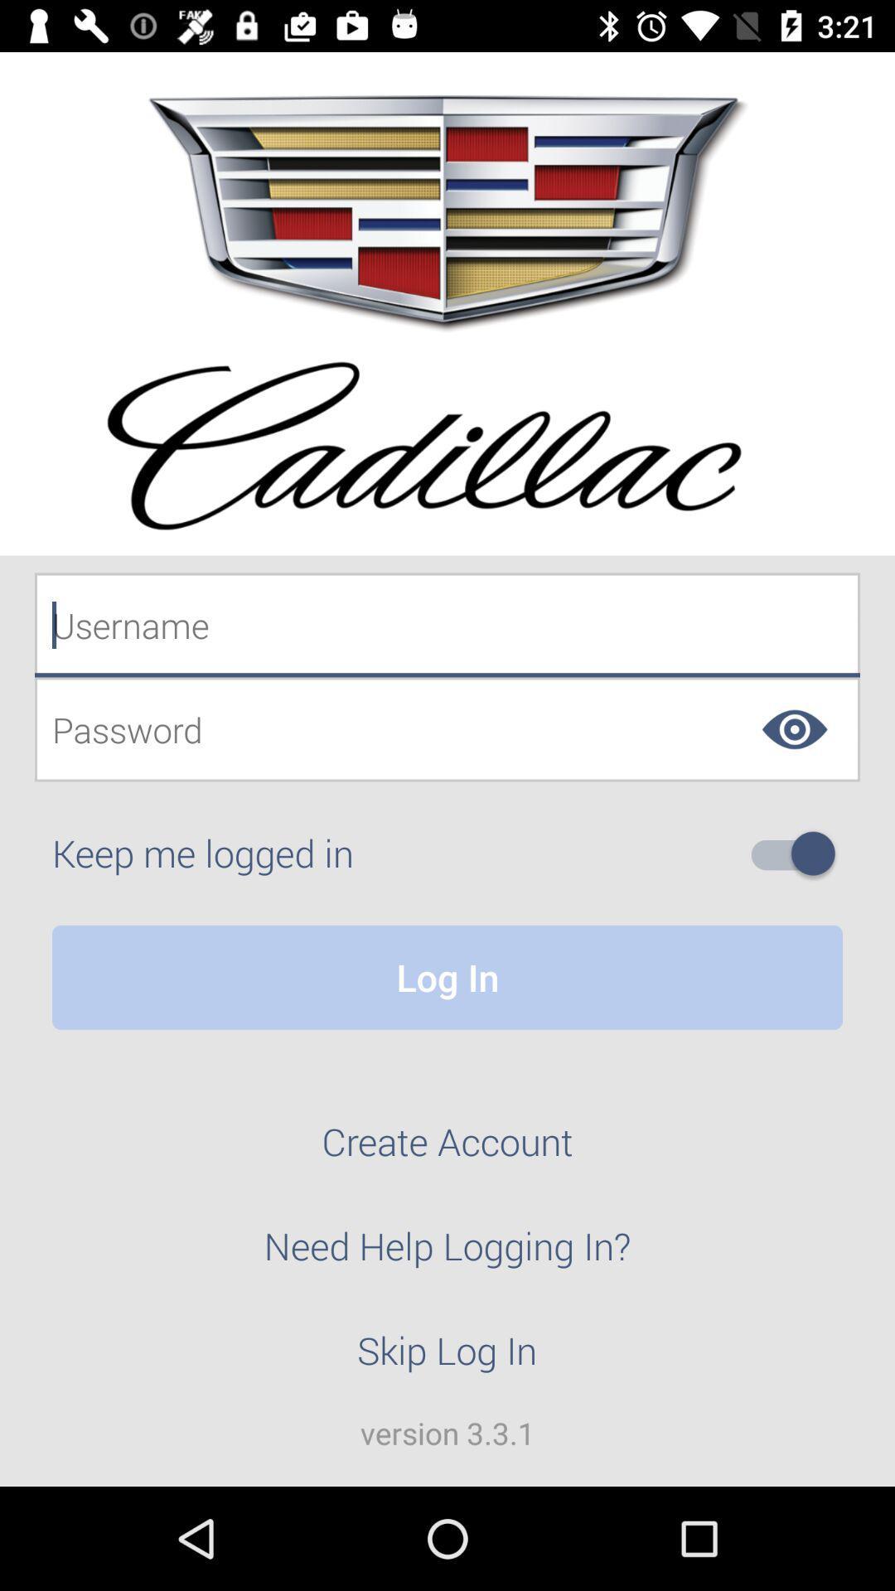  I want to click on the need help logging item, so click(447, 1255).